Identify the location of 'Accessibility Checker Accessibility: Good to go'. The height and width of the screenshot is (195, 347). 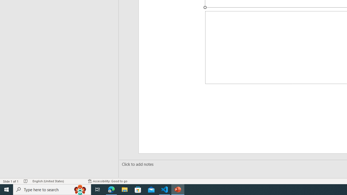
(108, 181).